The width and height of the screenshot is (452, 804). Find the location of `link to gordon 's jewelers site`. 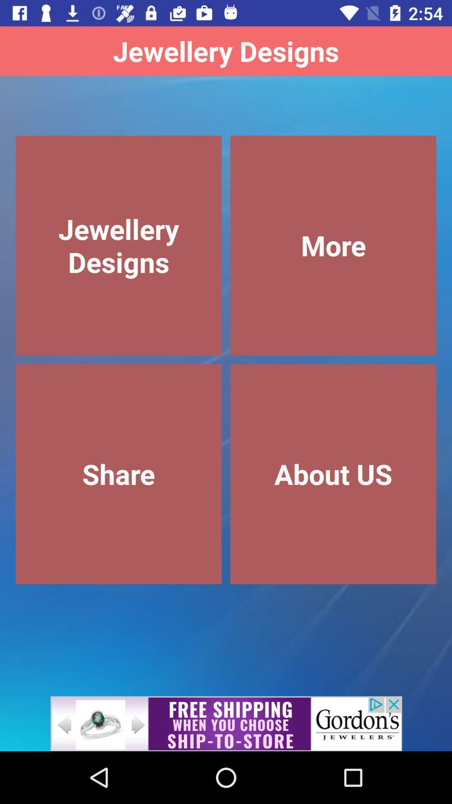

link to gordon 's jewelers site is located at coordinates (226, 723).